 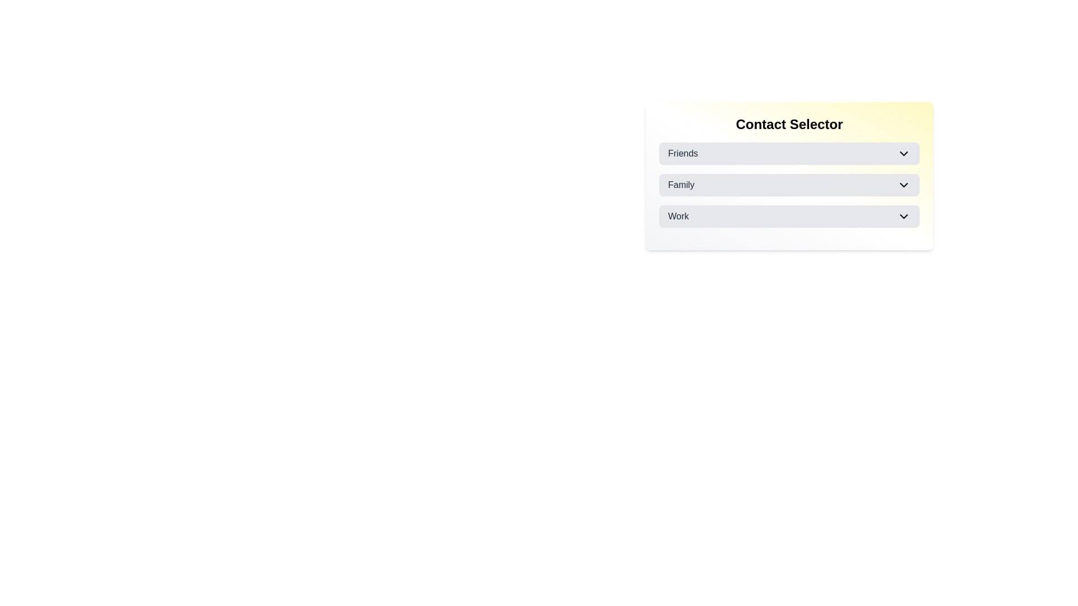 What do you see at coordinates (678, 216) in the screenshot?
I see `the static text label displaying 'Work' in gray color, located in the bottommost row of a list of similar labels` at bounding box center [678, 216].